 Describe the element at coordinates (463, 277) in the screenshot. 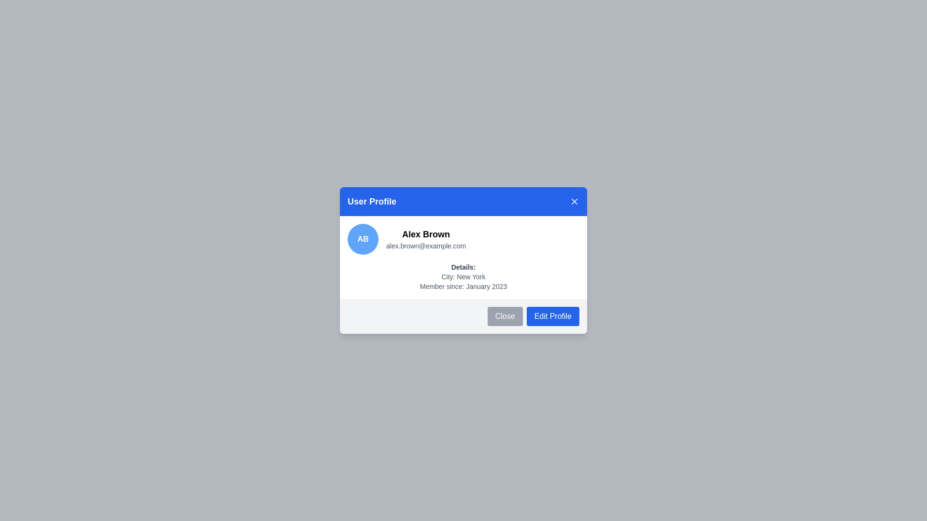

I see `the static text element displaying 'City: New York', which is positioned in the lower half of the user profile card and follows the label 'Details:'` at that location.